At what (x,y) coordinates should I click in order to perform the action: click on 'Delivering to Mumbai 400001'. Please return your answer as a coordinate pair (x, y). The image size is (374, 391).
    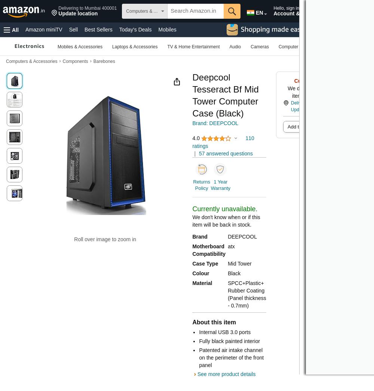
    Looking at the image, I should click on (87, 8).